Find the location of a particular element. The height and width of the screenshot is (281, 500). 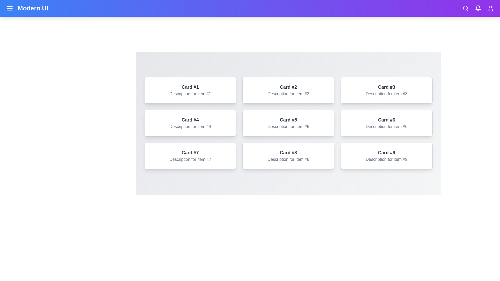

the notifications icon in the navigation bar is located at coordinates (478, 8).